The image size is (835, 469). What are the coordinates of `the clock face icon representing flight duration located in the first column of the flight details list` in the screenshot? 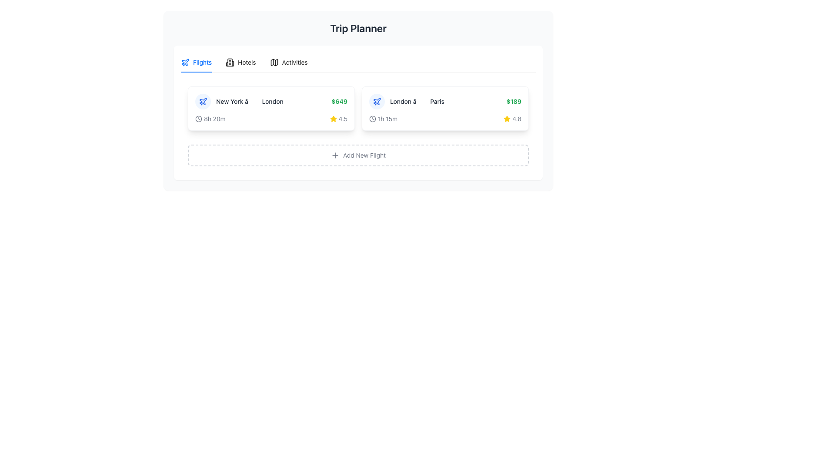 It's located at (198, 119).